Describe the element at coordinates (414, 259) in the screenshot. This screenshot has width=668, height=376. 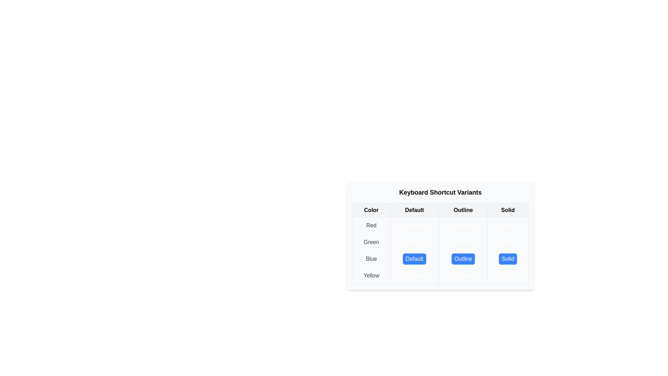
I see `the rectangular button with a blue background and white text reading 'Default' in the row labeled 'Blue'` at that location.